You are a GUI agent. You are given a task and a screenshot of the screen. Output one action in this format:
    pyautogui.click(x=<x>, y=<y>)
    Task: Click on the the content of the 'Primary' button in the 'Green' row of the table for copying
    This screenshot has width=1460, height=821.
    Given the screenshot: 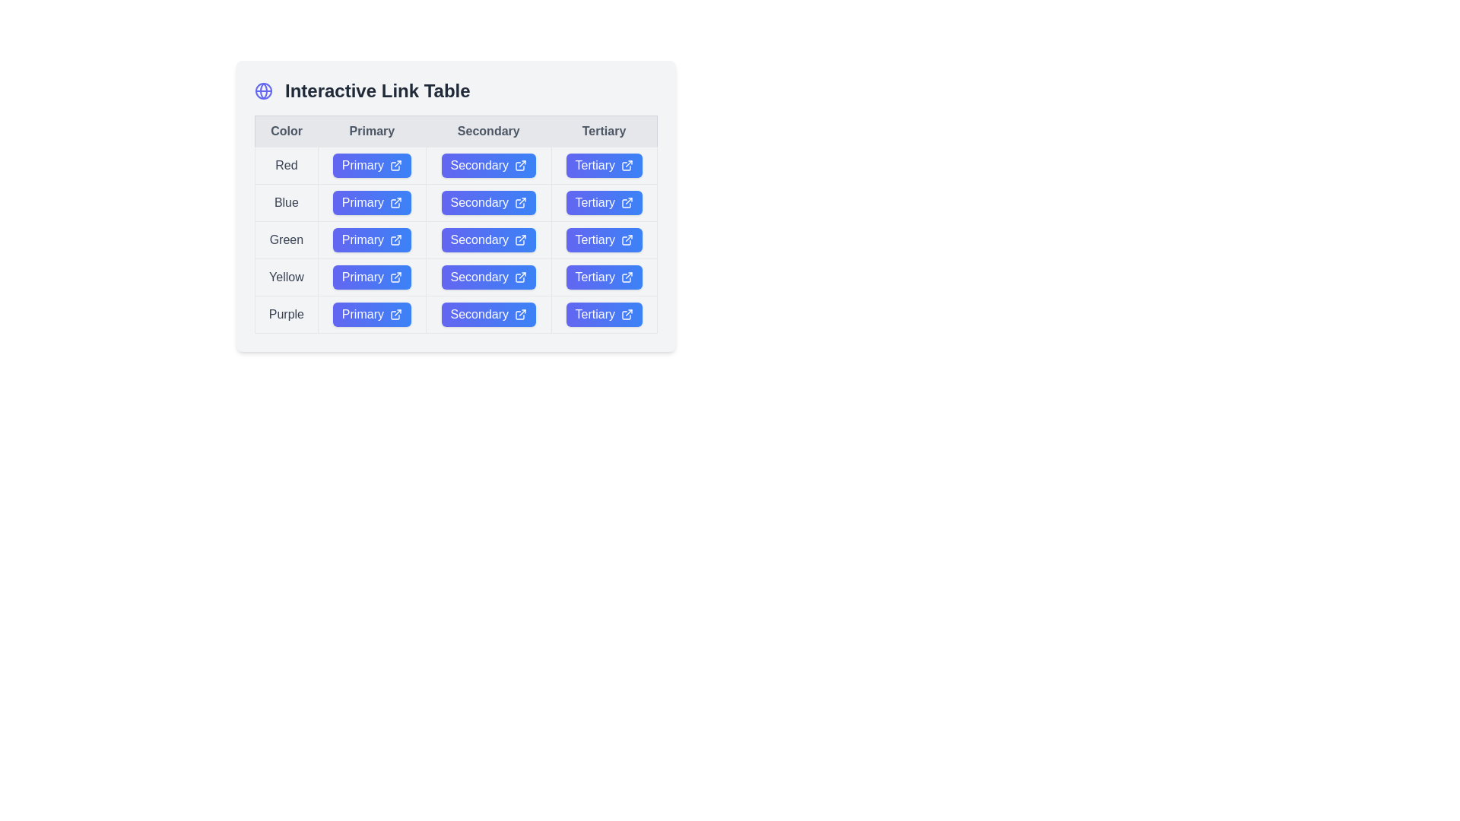 What is the action you would take?
    pyautogui.click(x=362, y=239)
    